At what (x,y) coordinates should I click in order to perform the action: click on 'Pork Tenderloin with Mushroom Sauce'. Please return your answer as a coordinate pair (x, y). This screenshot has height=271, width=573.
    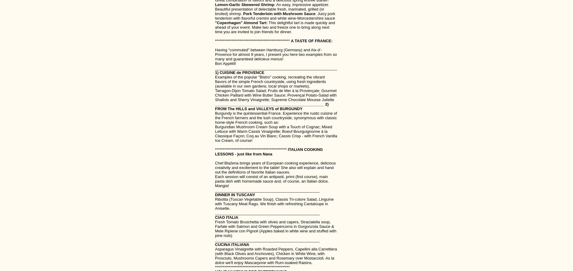
    Looking at the image, I should click on (279, 13).